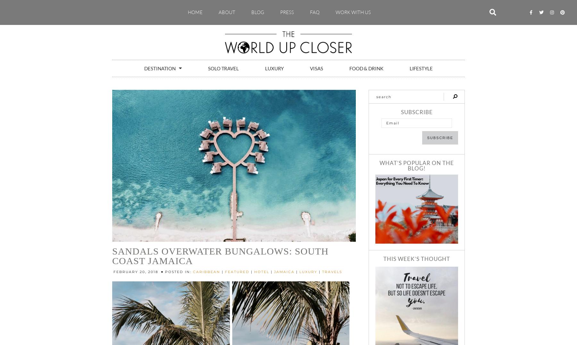 The image size is (577, 345). Describe the element at coordinates (274, 67) in the screenshot. I see `'Luxury'` at that location.